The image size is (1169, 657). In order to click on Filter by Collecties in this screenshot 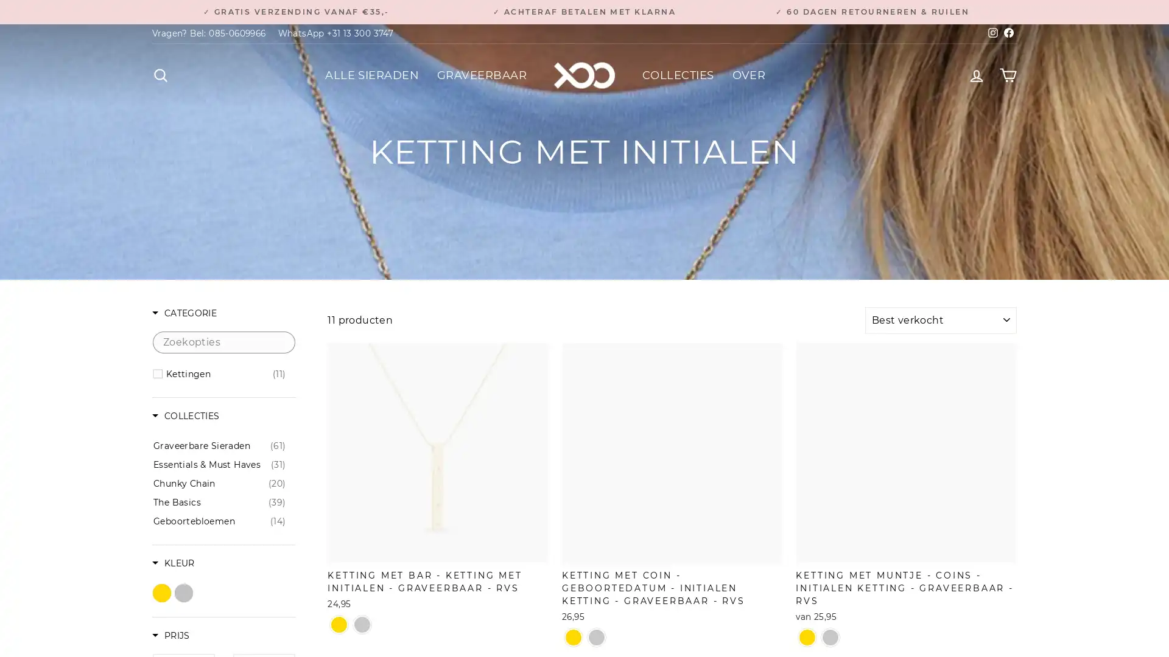, I will do `click(185, 416)`.